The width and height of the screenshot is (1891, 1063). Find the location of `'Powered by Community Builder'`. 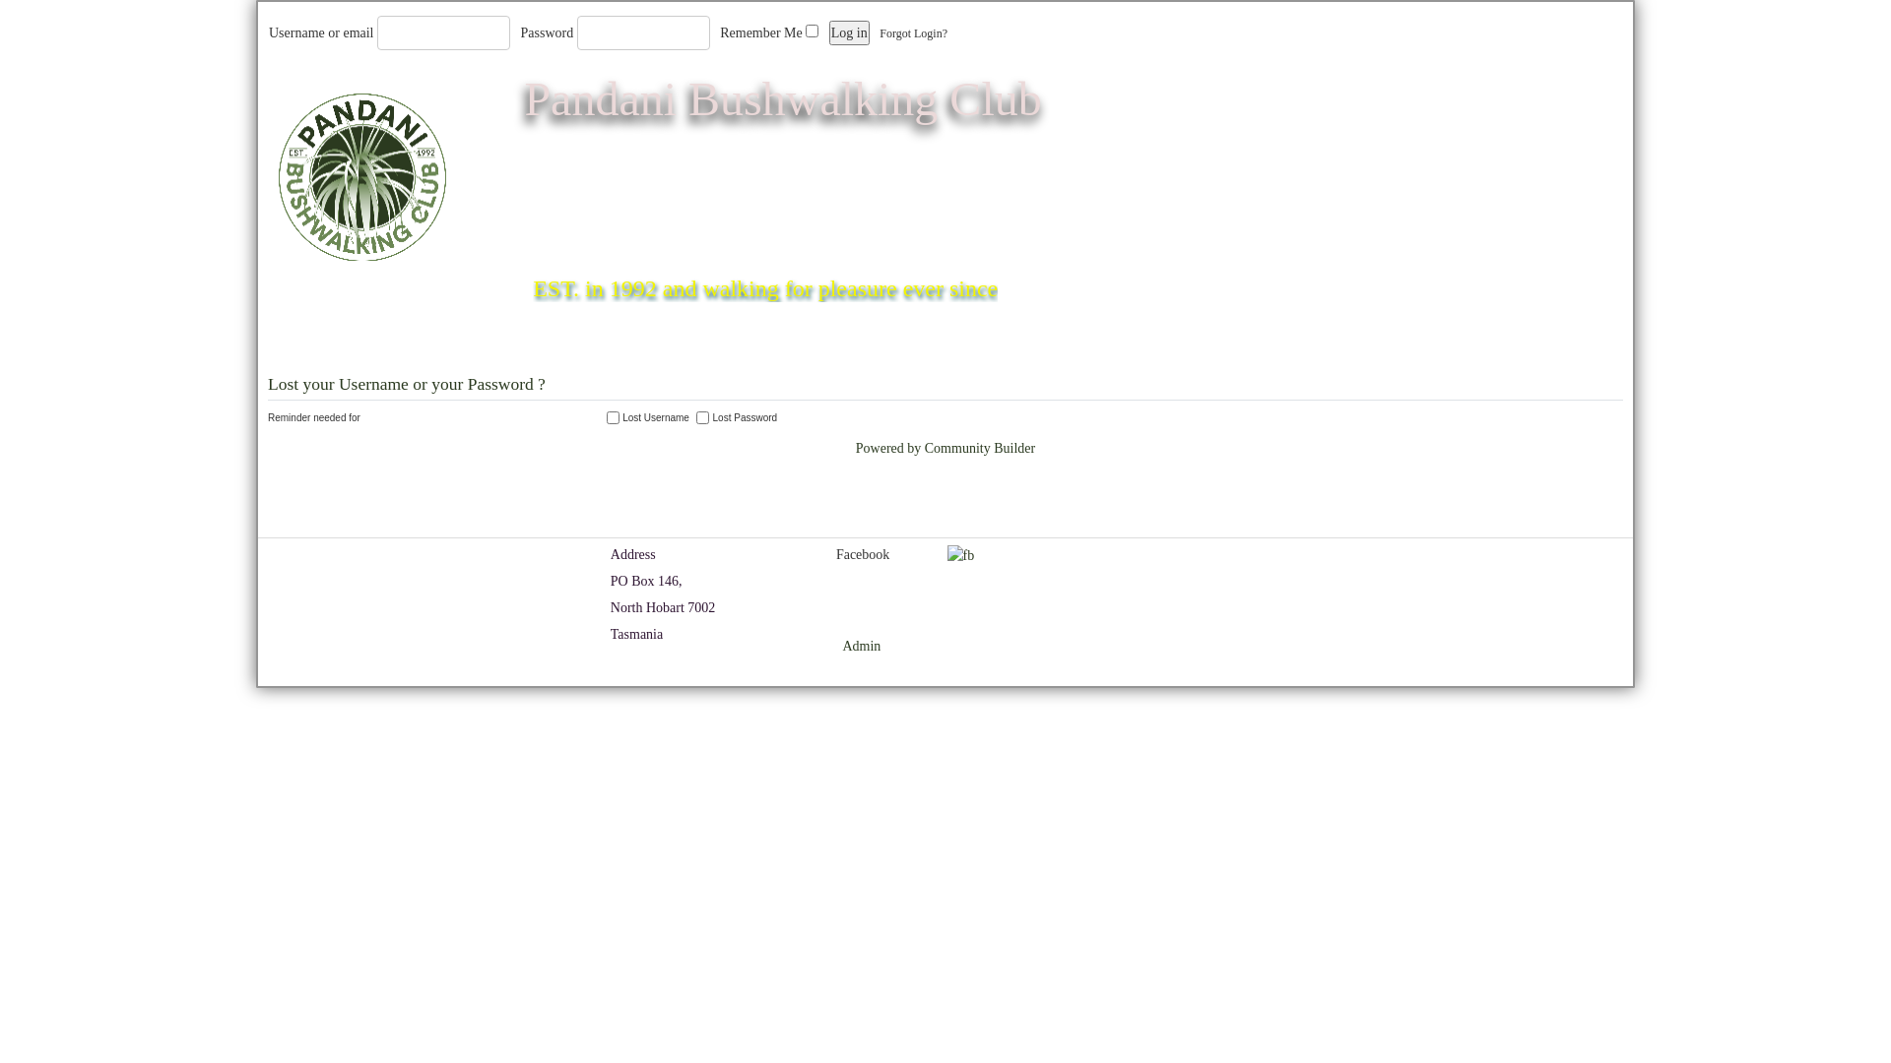

'Powered by Community Builder' is located at coordinates (945, 448).